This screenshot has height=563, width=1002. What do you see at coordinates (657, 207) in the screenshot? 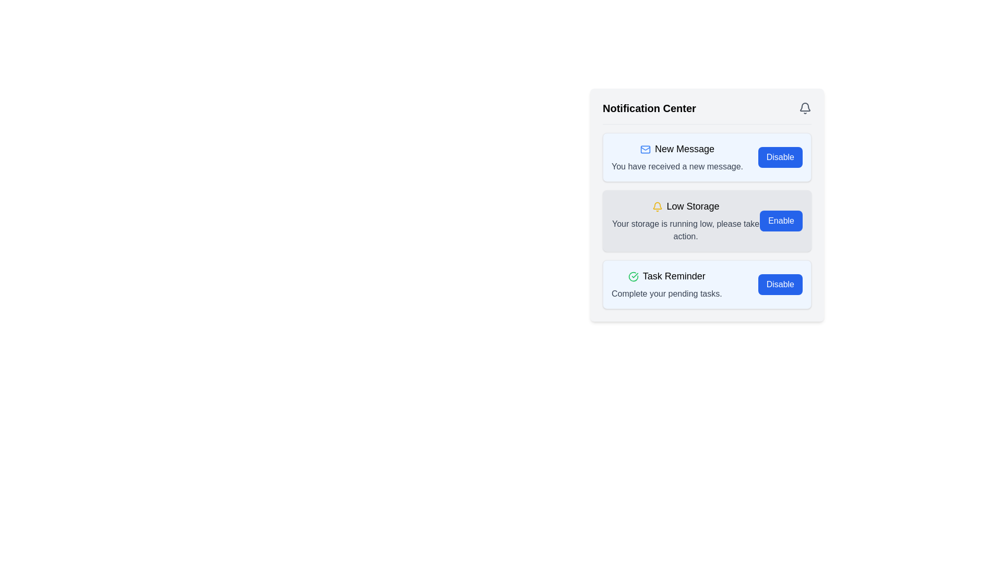
I see `the yellow bell icon in the 'Low Storage' notification card, which is the second notification in the list, positioned to the left of the main text` at bounding box center [657, 207].